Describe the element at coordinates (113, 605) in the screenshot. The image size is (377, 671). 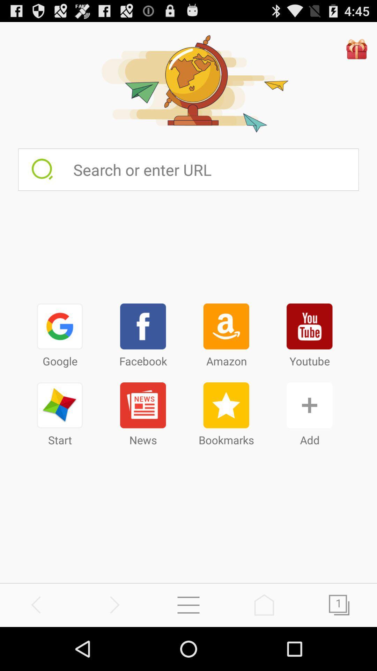
I see `forward` at that location.